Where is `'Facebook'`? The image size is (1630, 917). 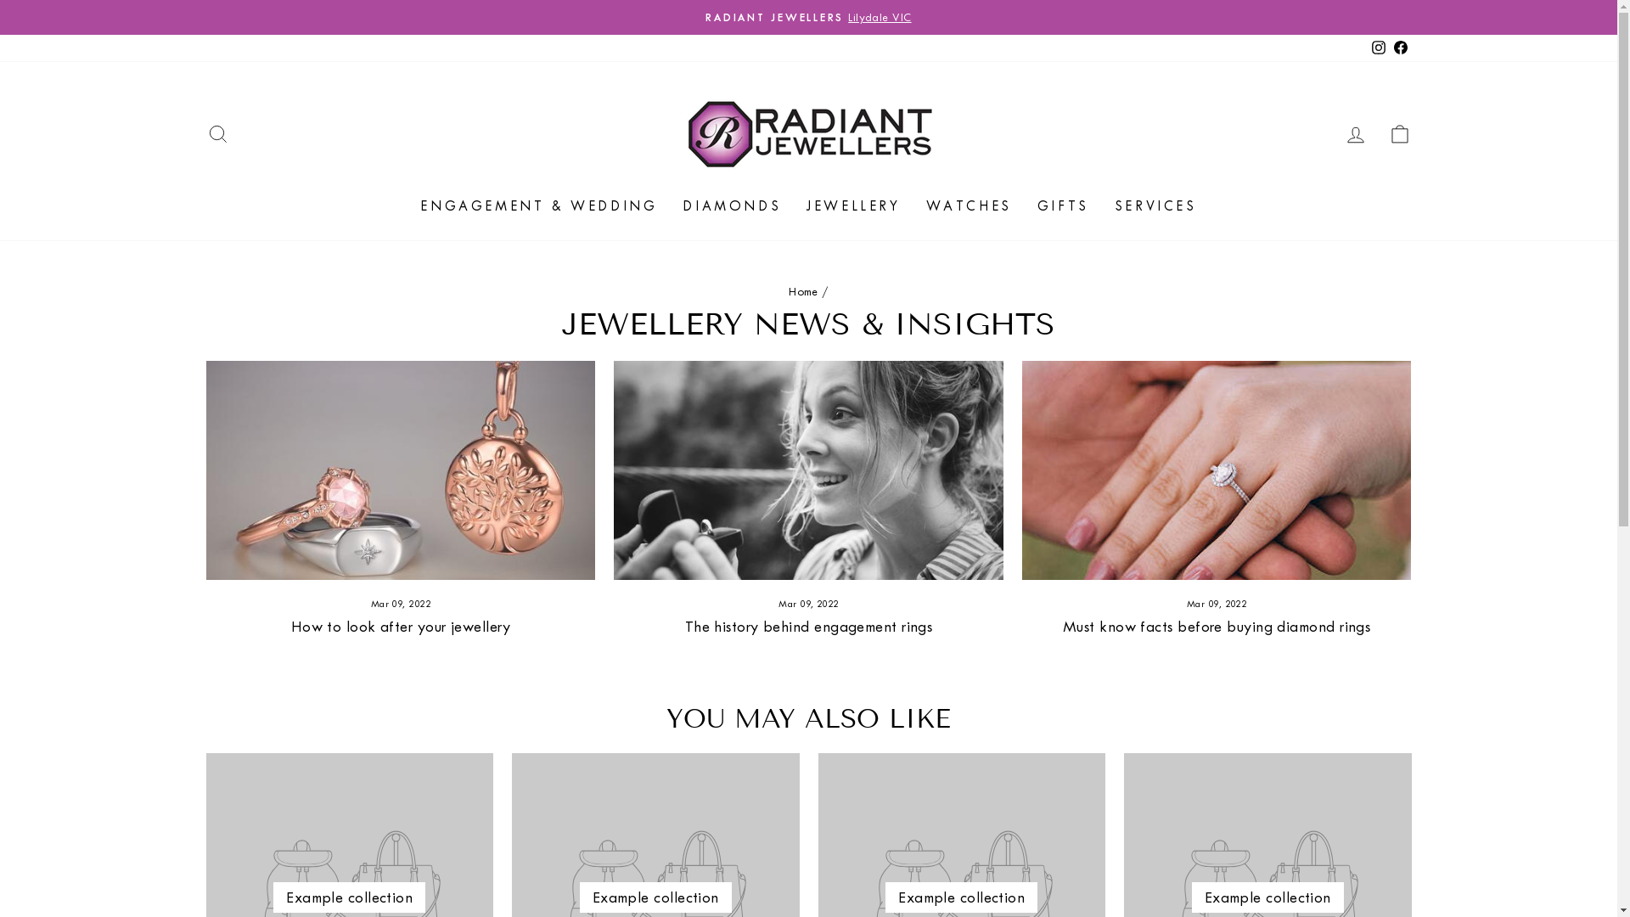
'Facebook' is located at coordinates (1389, 47).